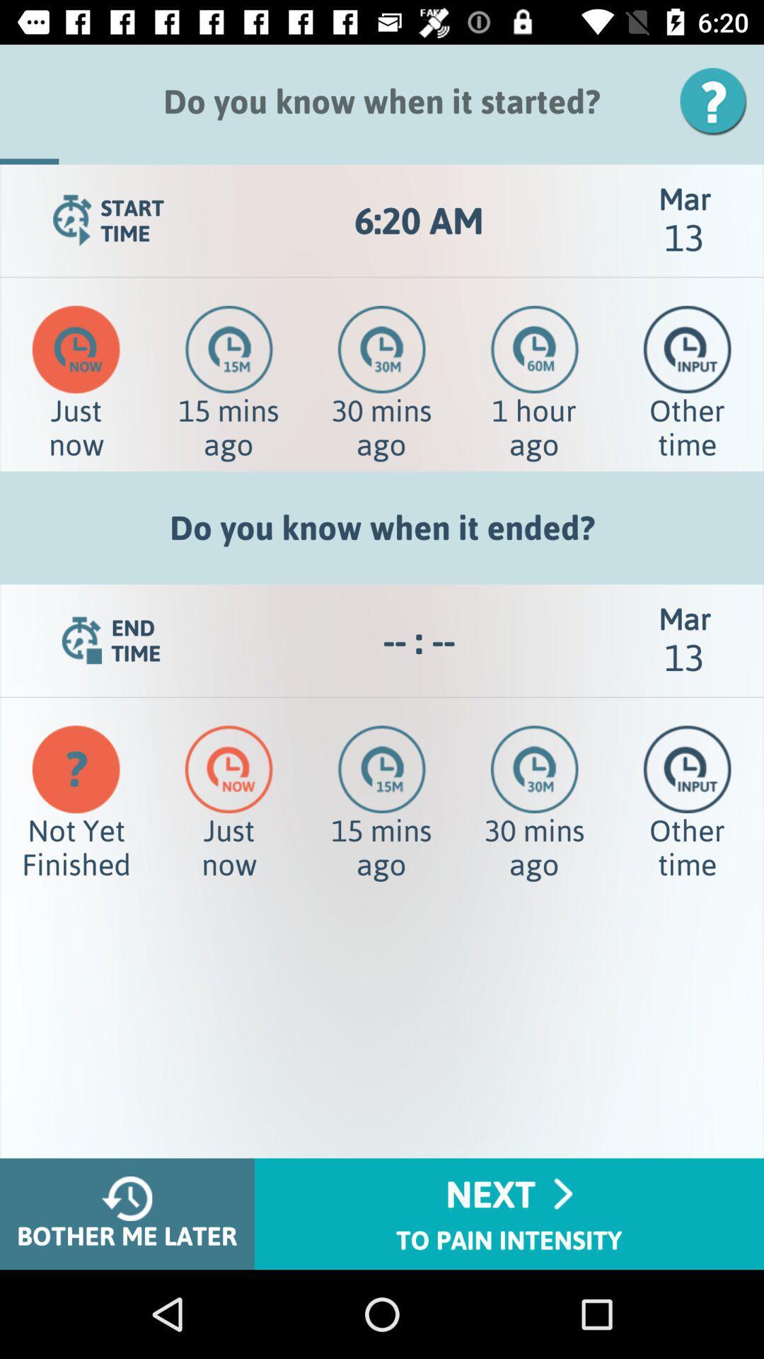 The height and width of the screenshot is (1359, 764). What do you see at coordinates (534, 769) in the screenshot?
I see `the time icon` at bounding box center [534, 769].